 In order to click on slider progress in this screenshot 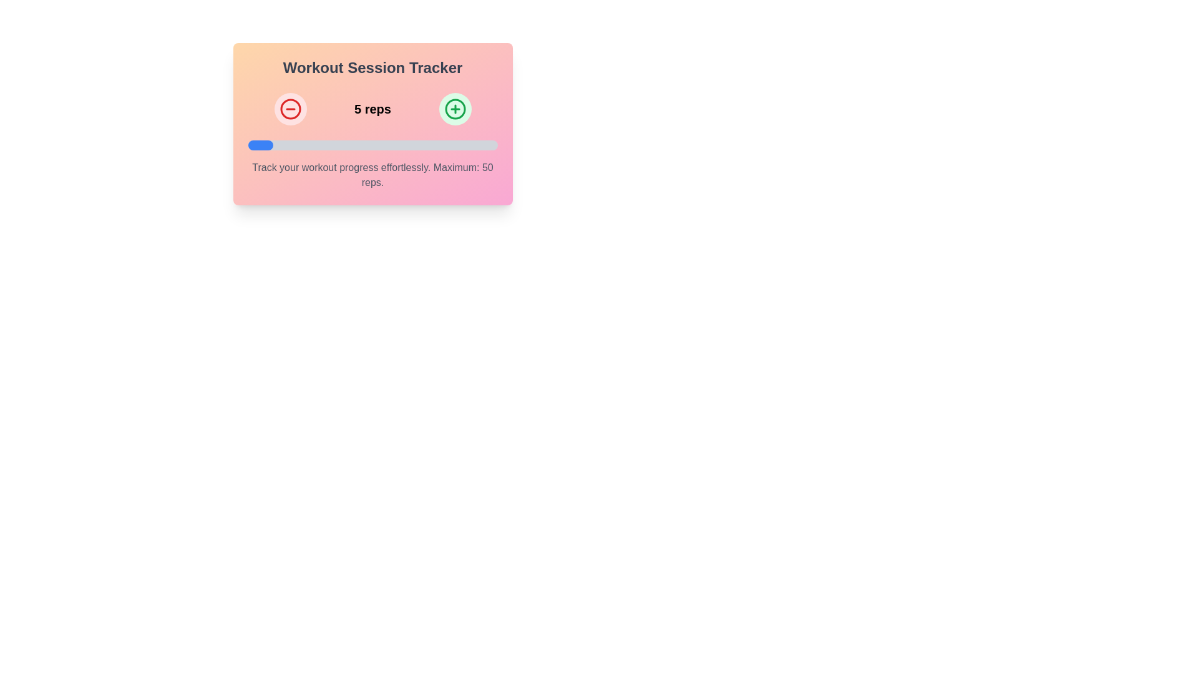, I will do `click(427, 144)`.